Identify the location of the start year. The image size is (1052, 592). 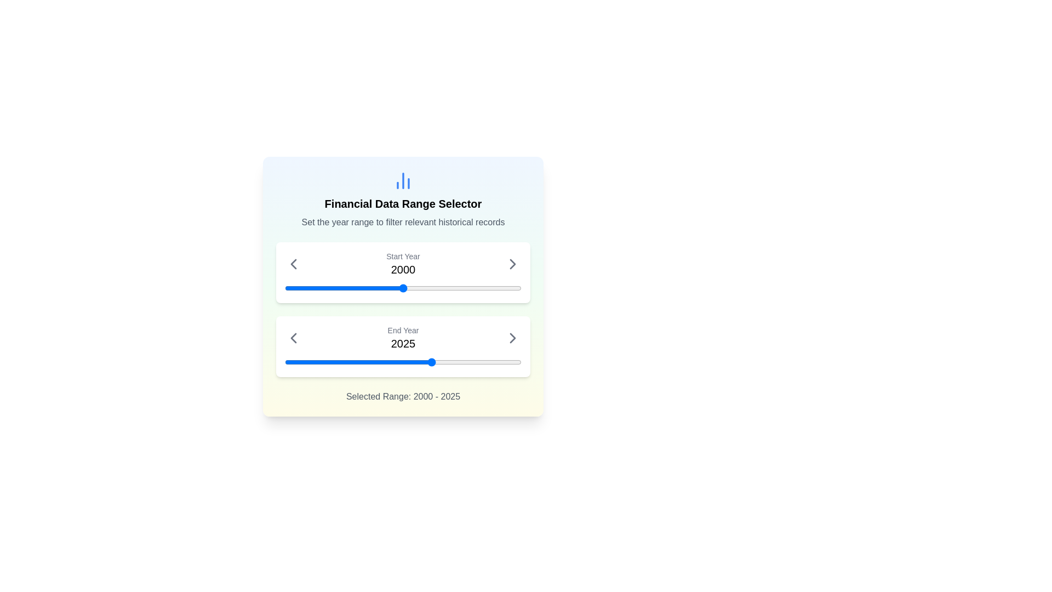
(348, 287).